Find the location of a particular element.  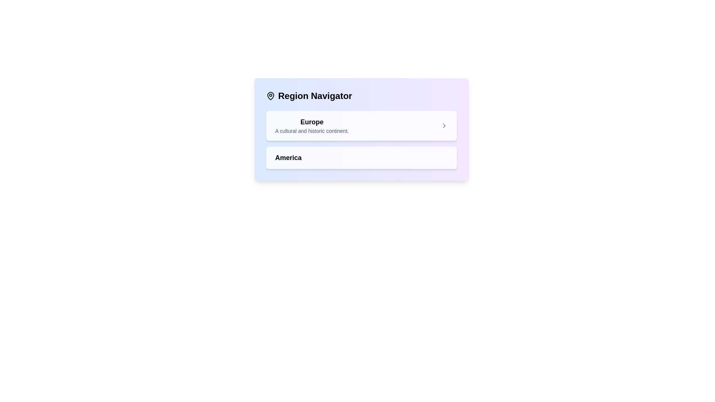

the 'Europe' list item in the 'Region Navigator' section, which features a prominent bold text and a chevron icon indicating expandability is located at coordinates (361, 140).